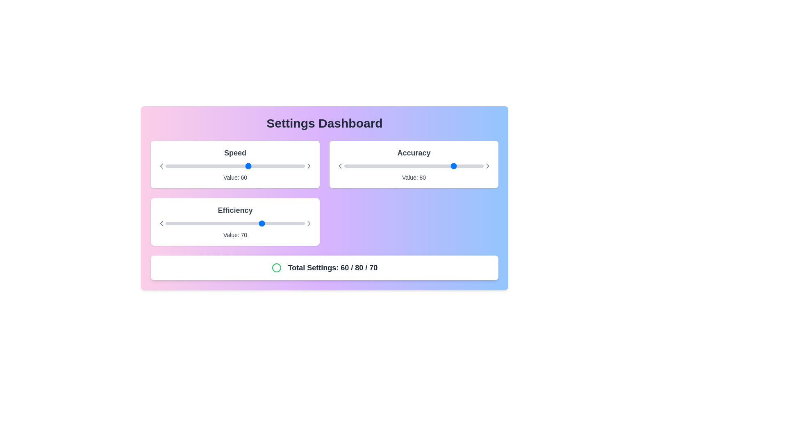  Describe the element at coordinates (429, 166) in the screenshot. I see `accuracy slider` at that location.